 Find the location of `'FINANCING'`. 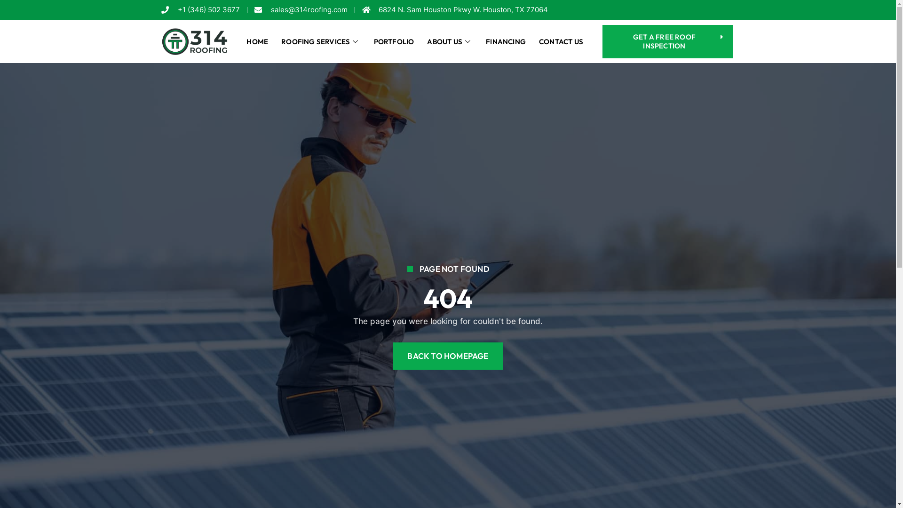

'FINANCING' is located at coordinates (505, 41).